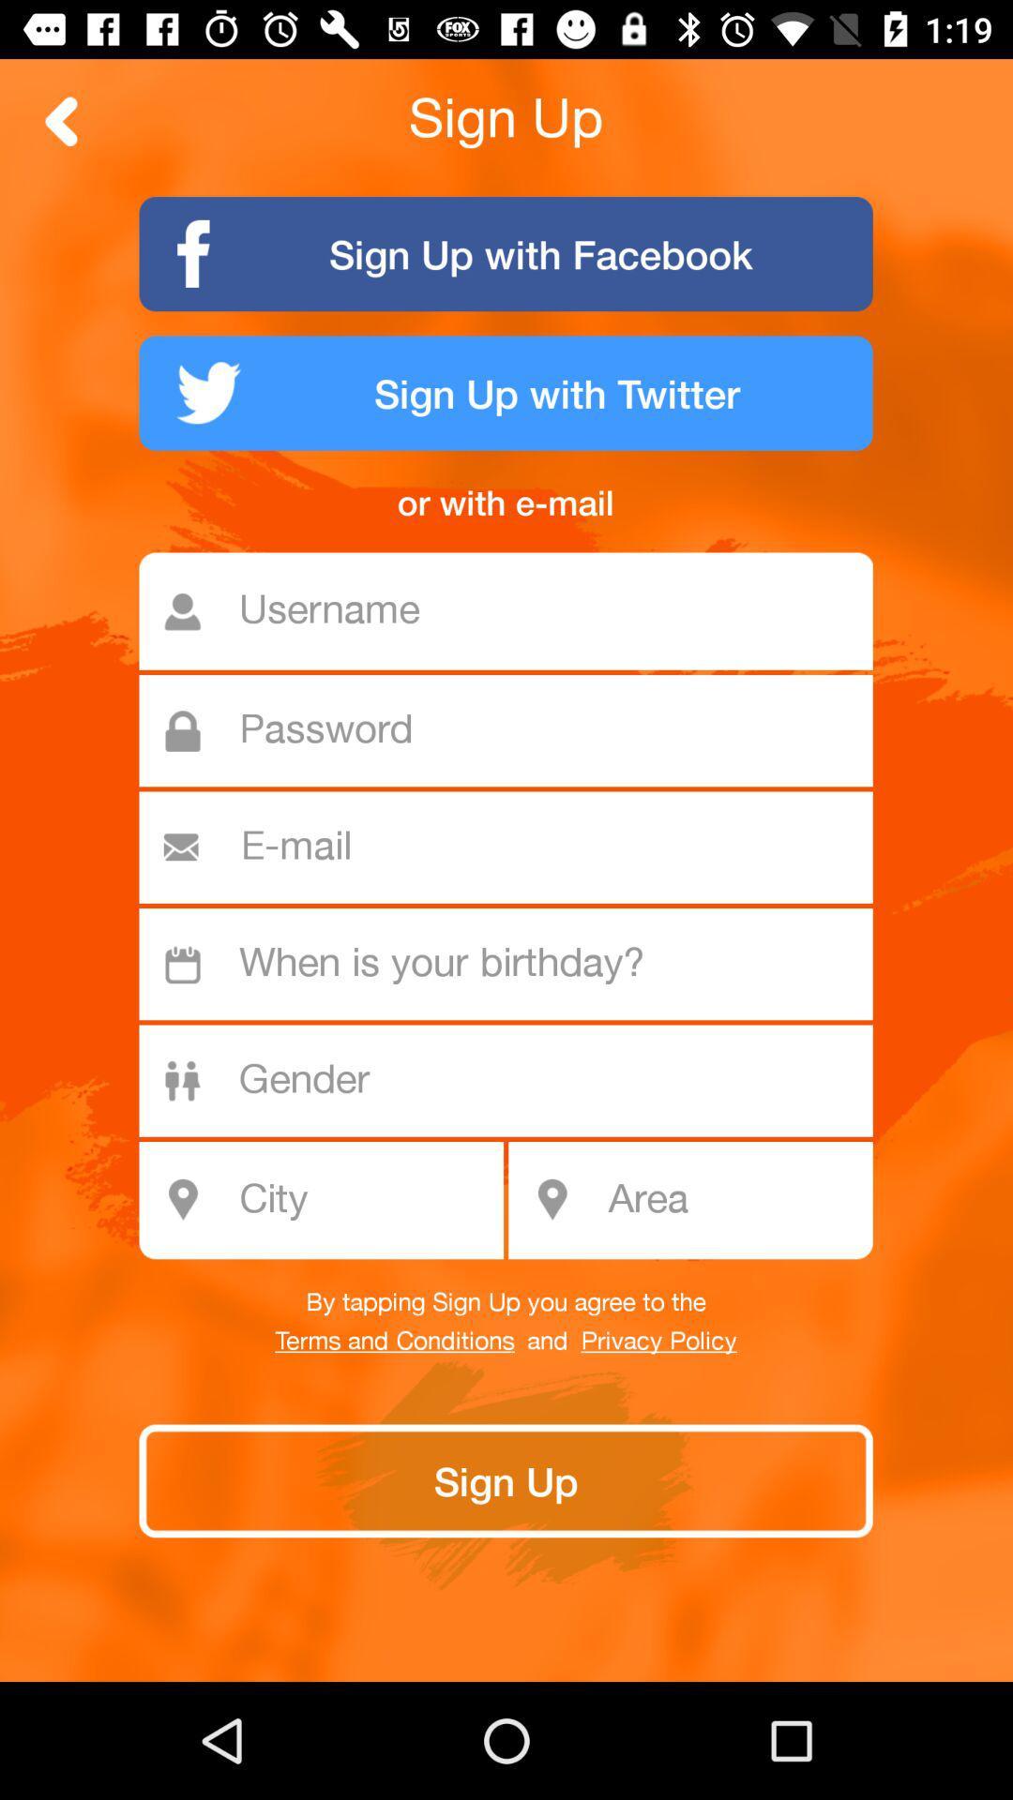 The image size is (1013, 1800). Describe the element at coordinates (394, 1341) in the screenshot. I see `item below the by tapping sign item` at that location.